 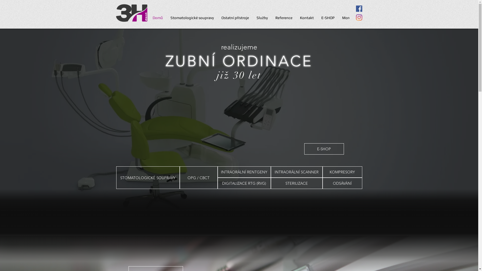 I want to click on 'E-SHOP', so click(x=324, y=149).